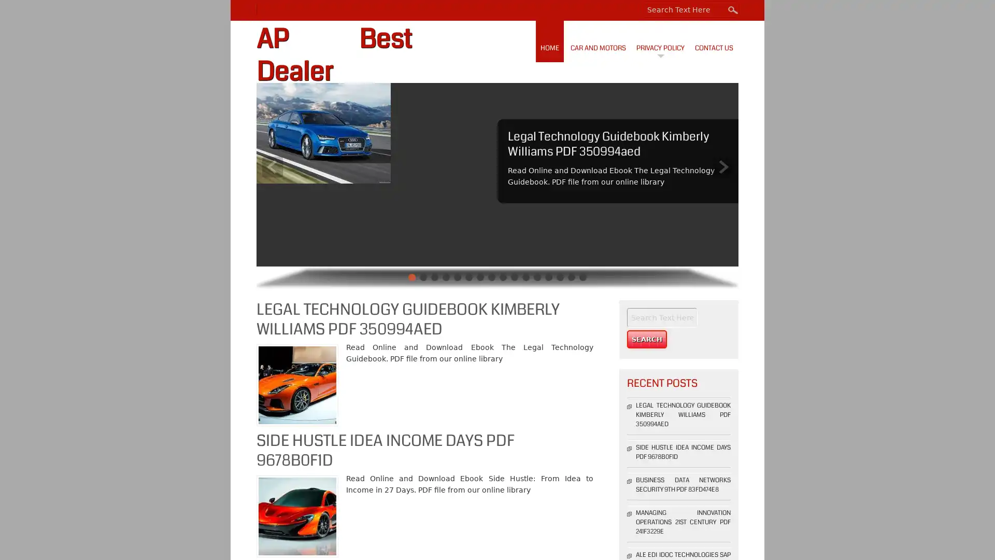  I want to click on Search, so click(646, 339).